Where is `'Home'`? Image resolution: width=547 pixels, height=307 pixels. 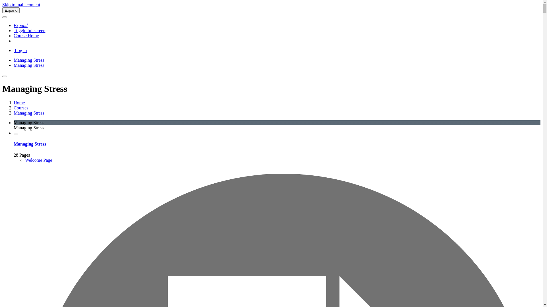
'Home' is located at coordinates (19, 103).